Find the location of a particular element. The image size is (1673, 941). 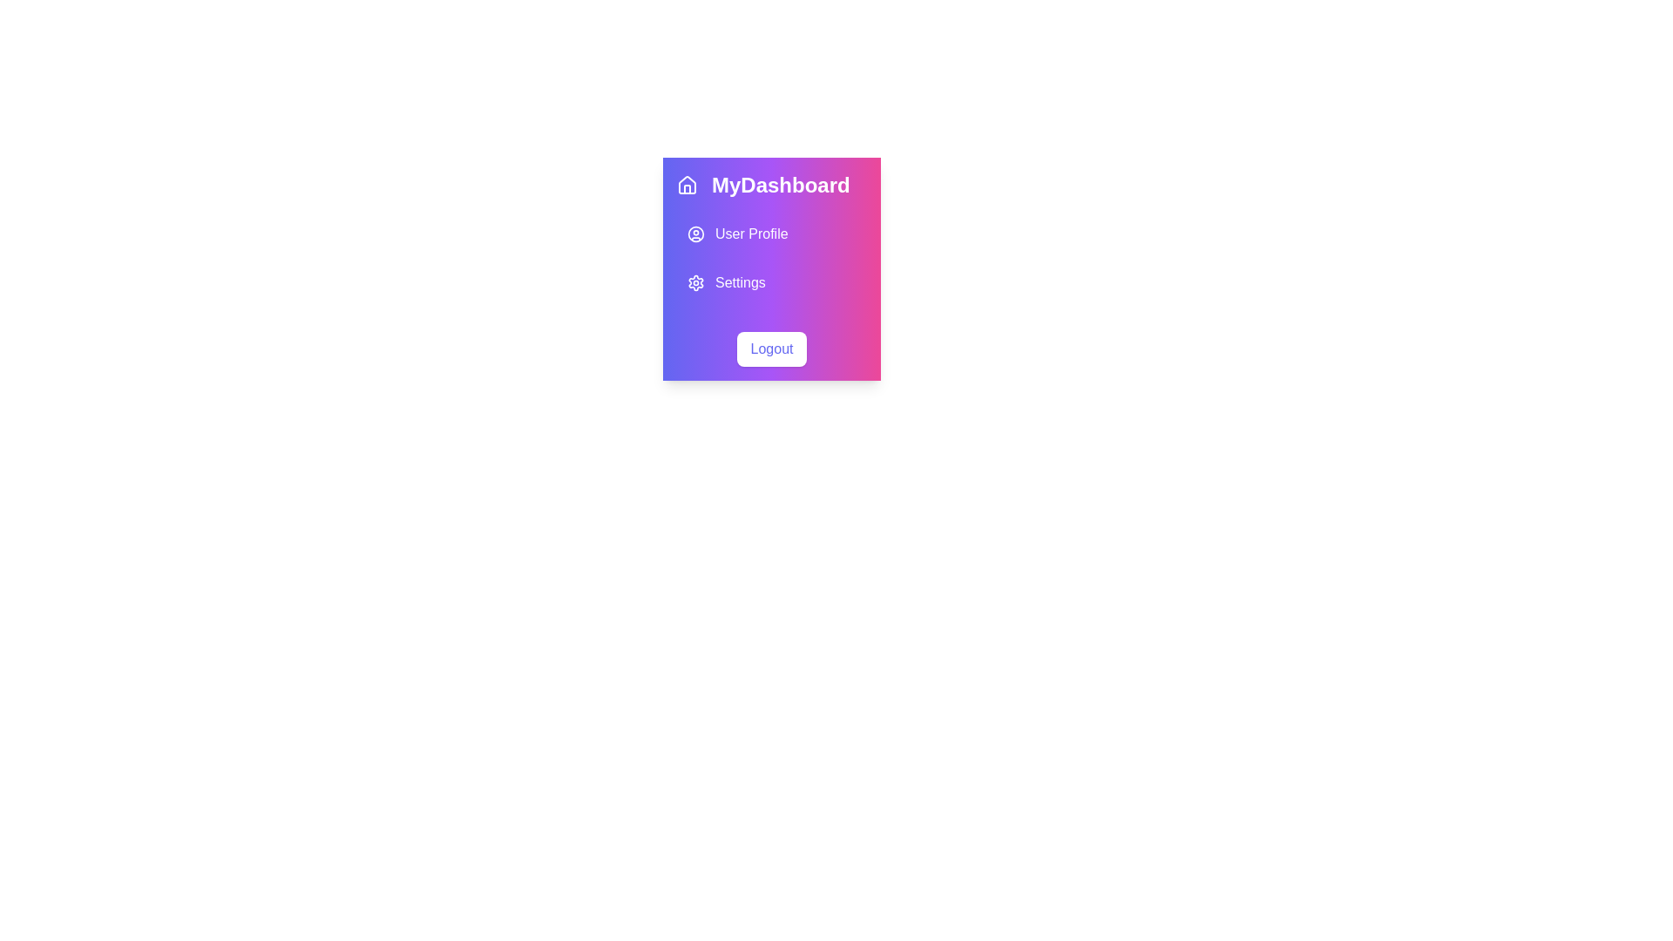

the 'Settings' clickable list item with a gear icon is located at coordinates (771, 281).